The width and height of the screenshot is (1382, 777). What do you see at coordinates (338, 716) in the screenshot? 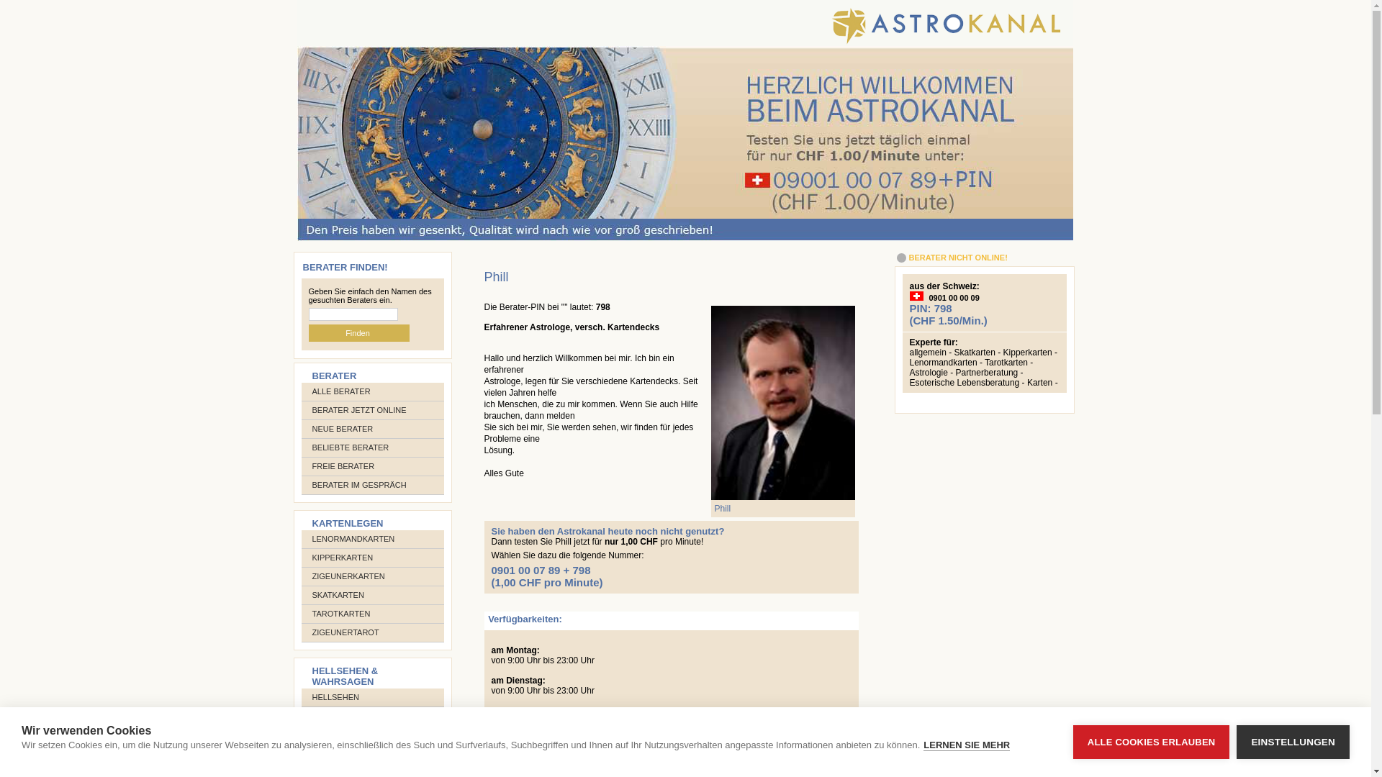
I see `'WAHRSAGEN'` at bounding box center [338, 716].